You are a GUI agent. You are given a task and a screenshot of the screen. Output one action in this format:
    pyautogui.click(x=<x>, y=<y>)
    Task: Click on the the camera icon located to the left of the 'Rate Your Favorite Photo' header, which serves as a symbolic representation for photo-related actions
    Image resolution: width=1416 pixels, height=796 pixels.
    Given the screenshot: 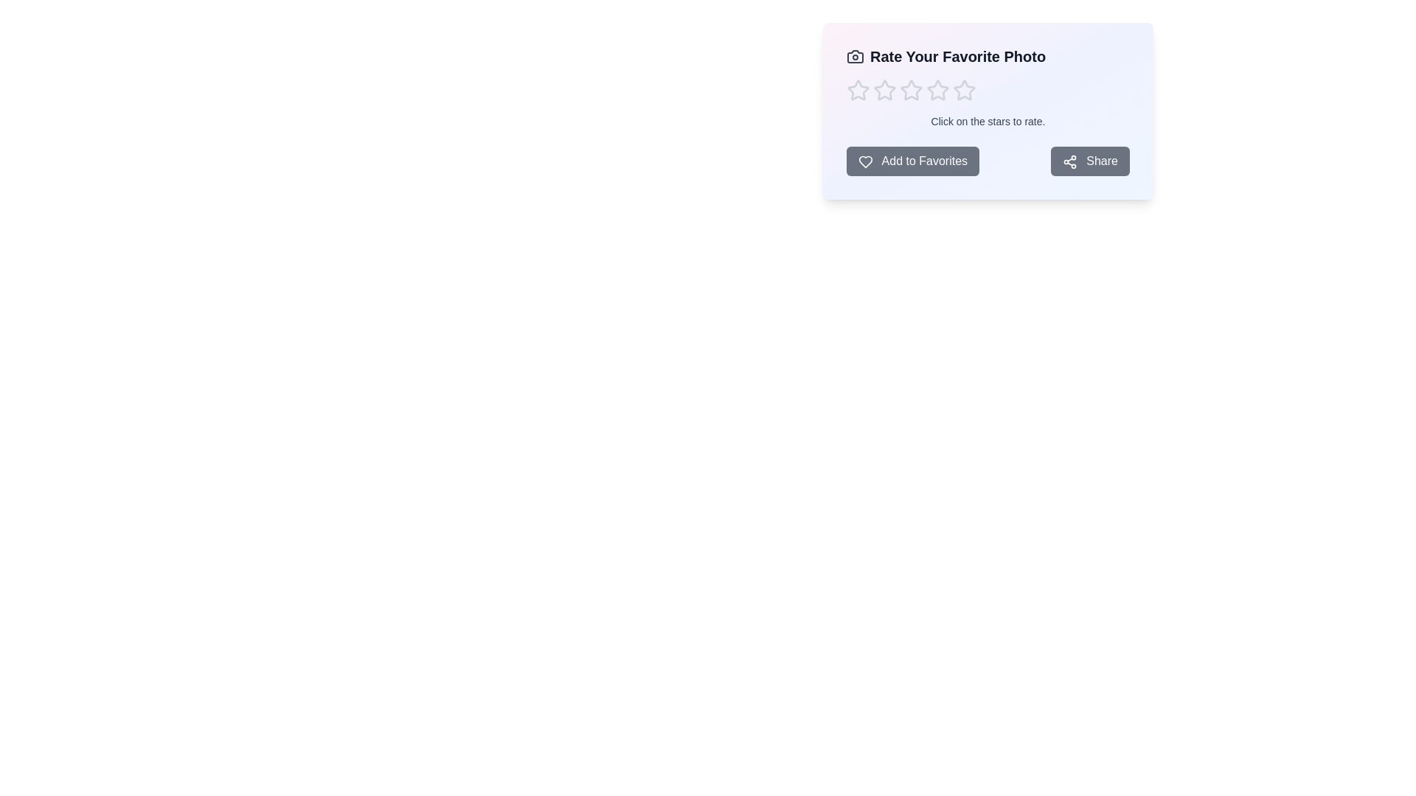 What is the action you would take?
    pyautogui.click(x=855, y=56)
    